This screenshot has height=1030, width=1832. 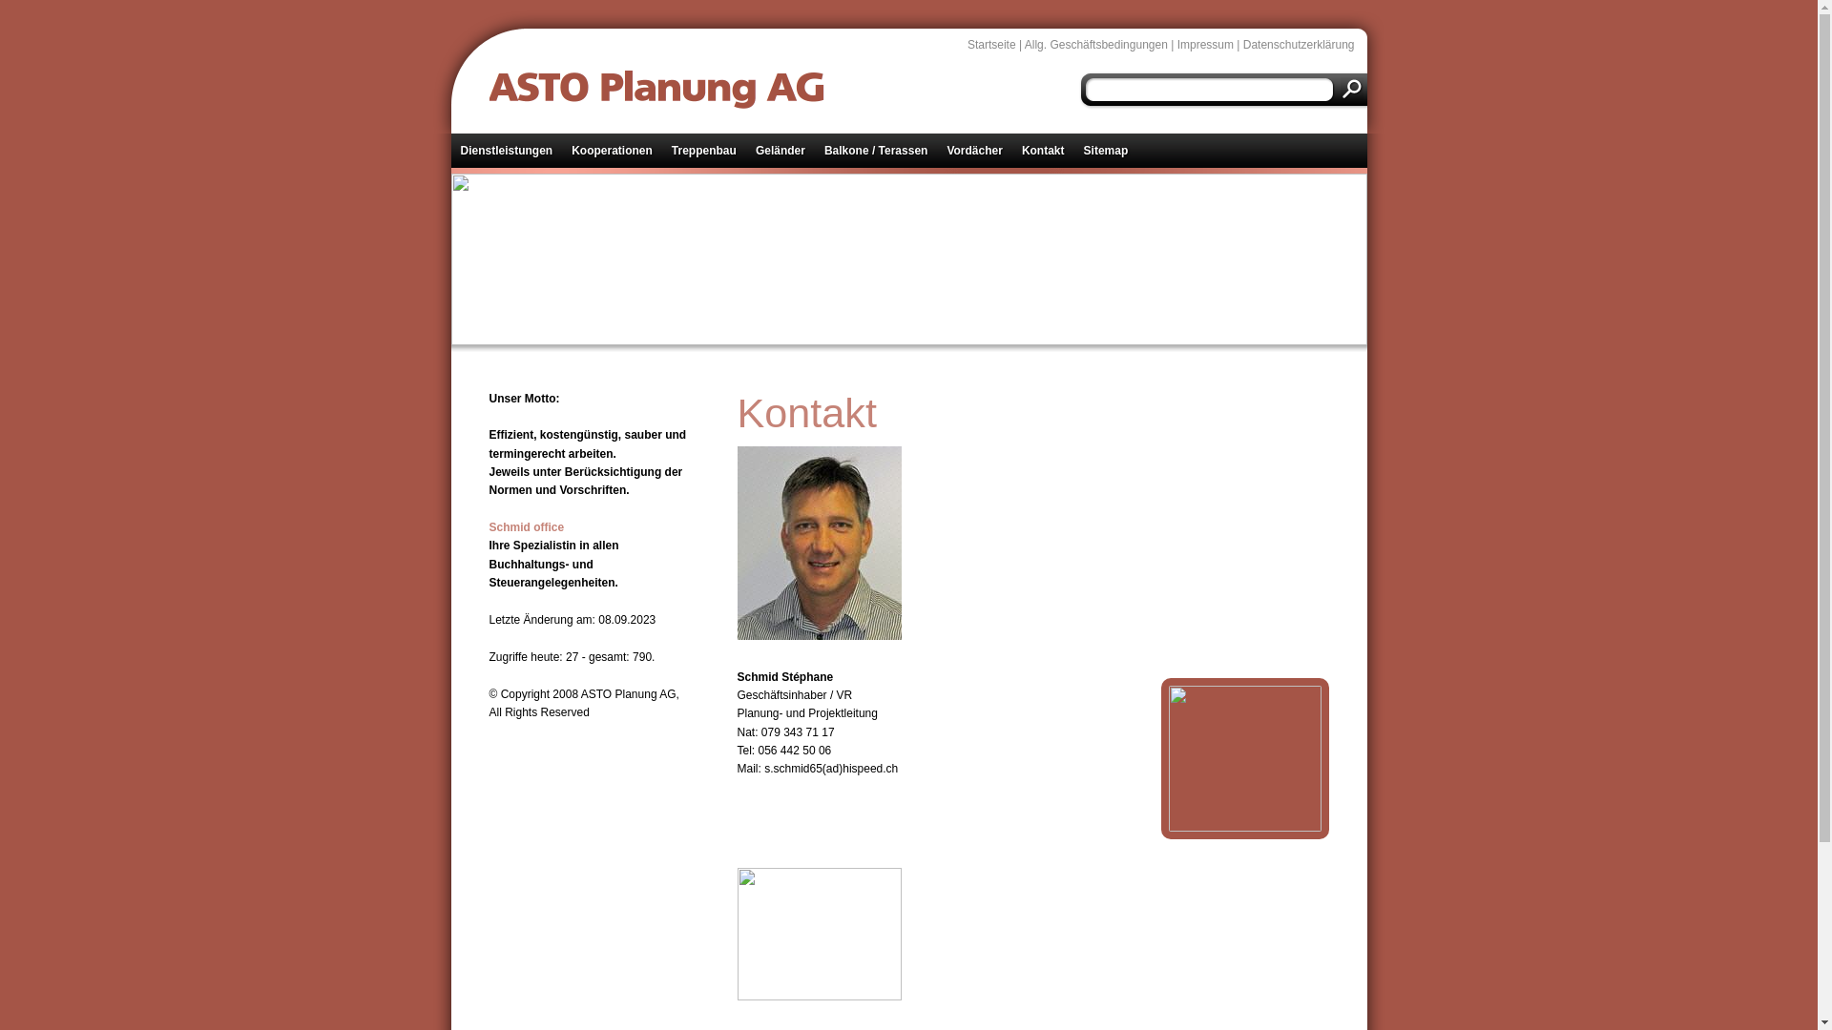 What do you see at coordinates (612, 150) in the screenshot?
I see `'Kooperationen'` at bounding box center [612, 150].